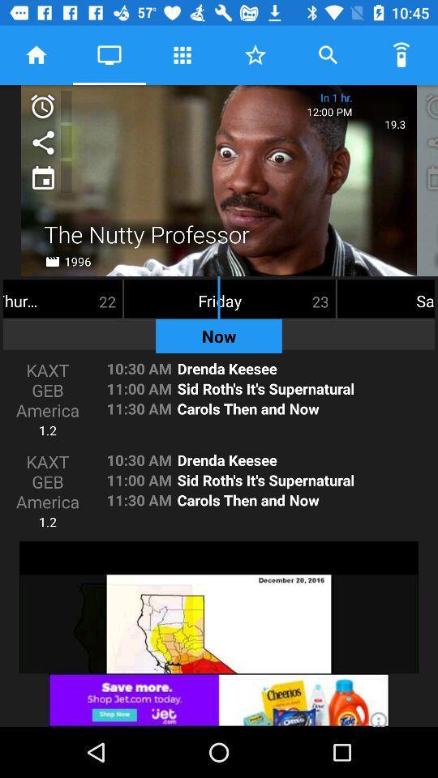 The height and width of the screenshot is (778, 438). Describe the element at coordinates (42, 140) in the screenshot. I see `the share icon` at that location.